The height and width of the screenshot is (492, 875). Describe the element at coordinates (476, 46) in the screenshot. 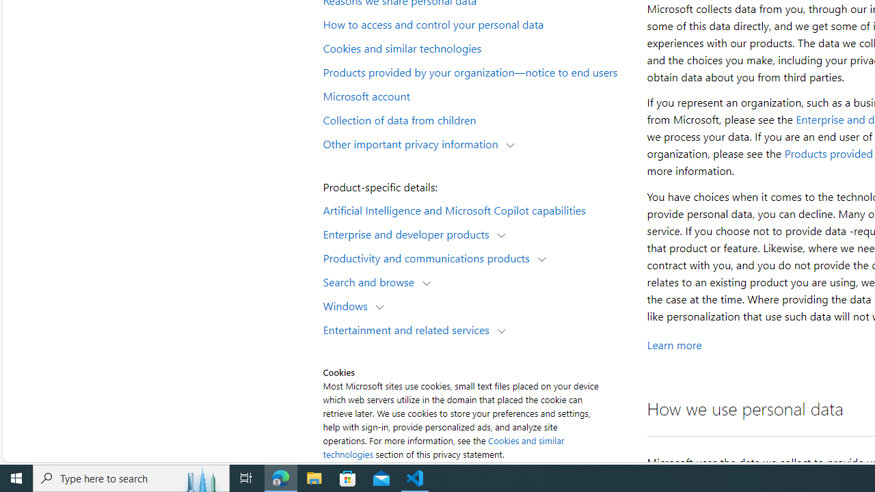

I see `'Cookies and similar technologies'` at that location.